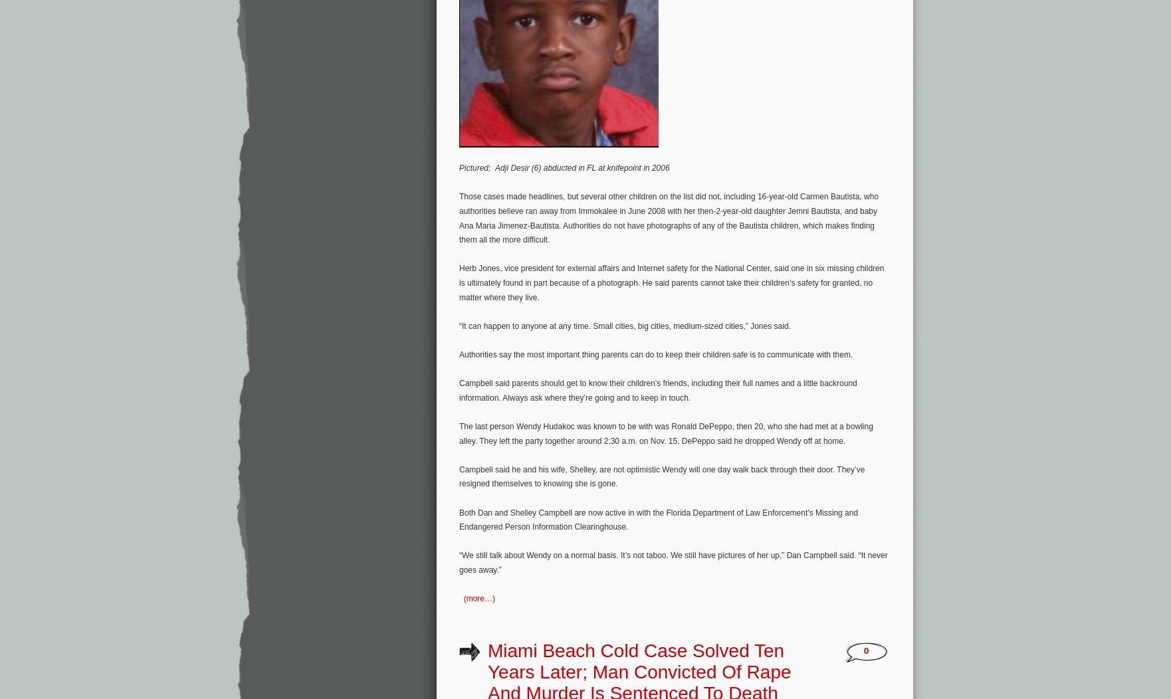 The height and width of the screenshot is (699, 1171). What do you see at coordinates (673, 561) in the screenshot?
I see `'“We still talk about Wendy on a normal basis. It’s not taboo. We still have pictures of her up,” Dan Campbell said. “It never goes away.”'` at bounding box center [673, 561].